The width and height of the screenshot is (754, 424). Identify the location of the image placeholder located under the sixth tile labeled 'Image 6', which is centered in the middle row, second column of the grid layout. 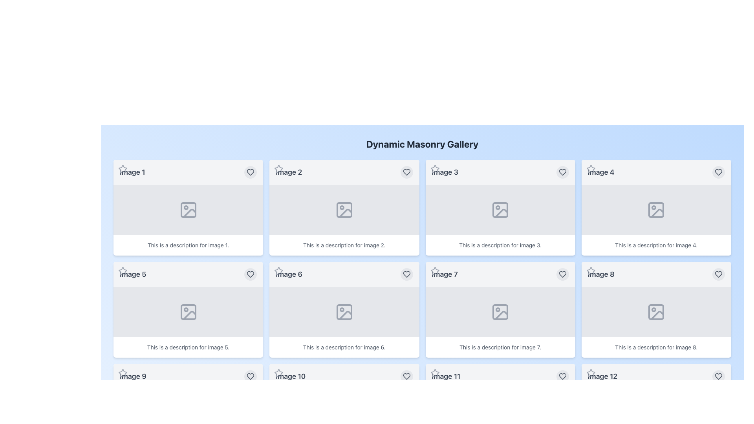
(344, 311).